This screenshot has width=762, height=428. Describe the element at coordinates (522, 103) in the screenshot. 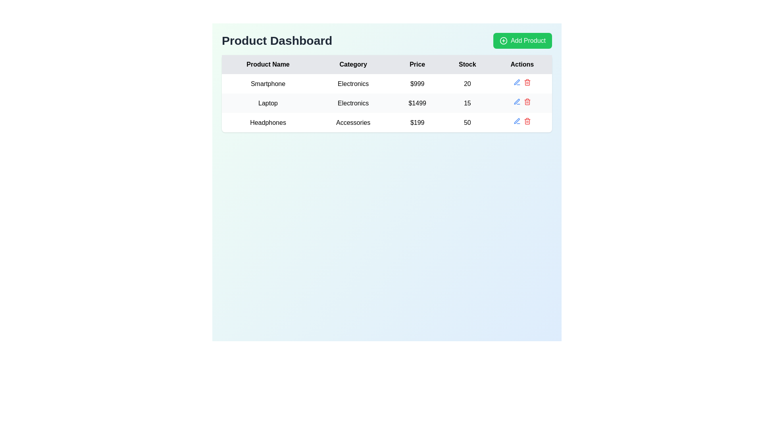

I see `the trash bin icon in the Actions column of the table on the second row labeled 'Laptop'` at that location.